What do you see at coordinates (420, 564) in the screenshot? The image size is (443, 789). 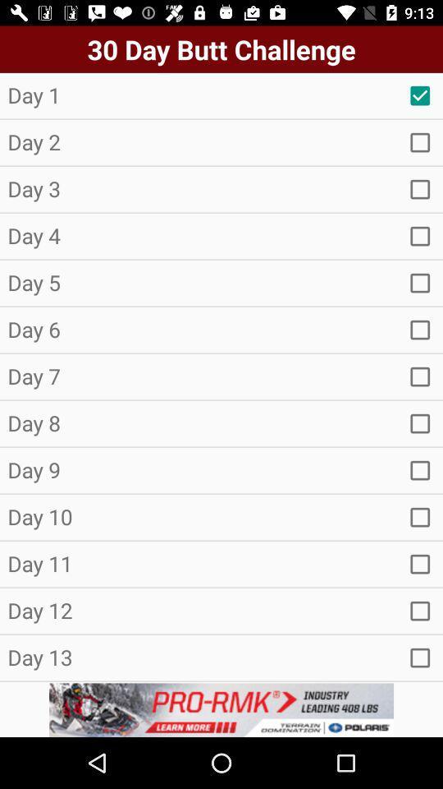 I see `option` at bounding box center [420, 564].